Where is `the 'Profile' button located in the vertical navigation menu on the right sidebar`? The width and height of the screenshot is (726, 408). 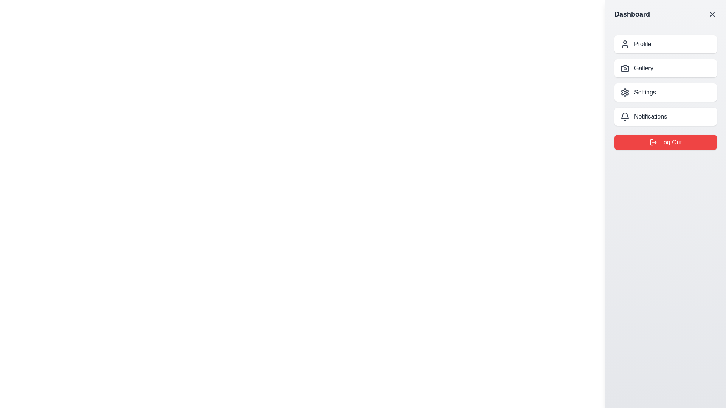 the 'Profile' button located in the vertical navigation menu on the right sidebar is located at coordinates (665, 44).